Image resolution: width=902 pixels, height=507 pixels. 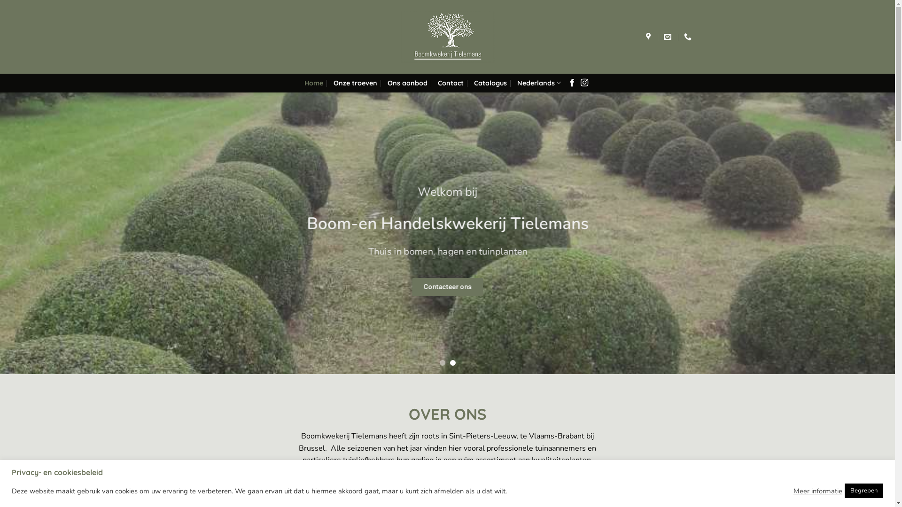 I want to click on 'Contacteer ons', so click(x=447, y=286).